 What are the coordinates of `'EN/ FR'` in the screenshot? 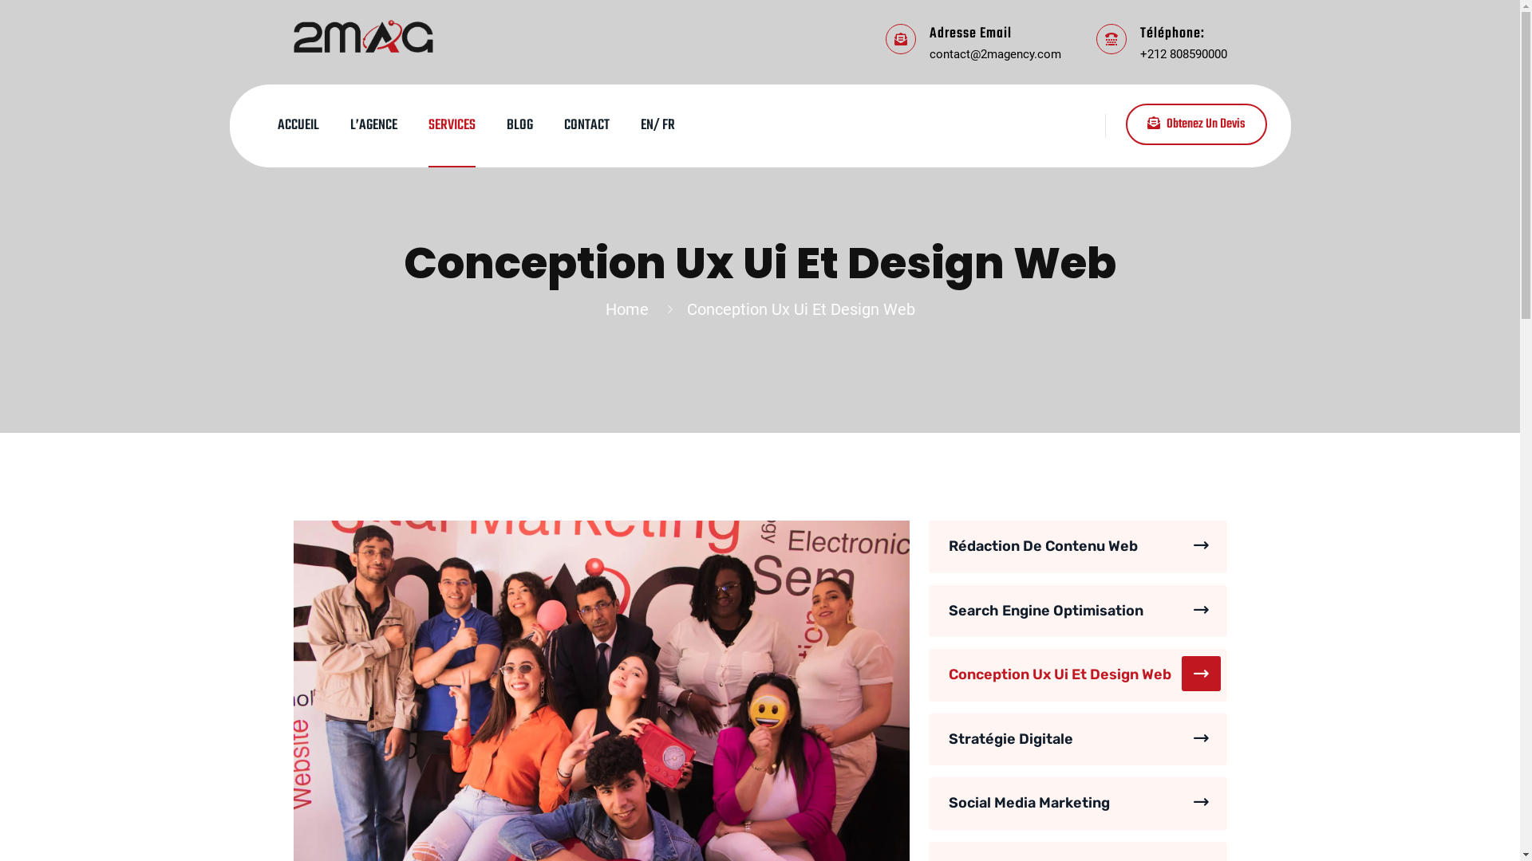 It's located at (657, 125).